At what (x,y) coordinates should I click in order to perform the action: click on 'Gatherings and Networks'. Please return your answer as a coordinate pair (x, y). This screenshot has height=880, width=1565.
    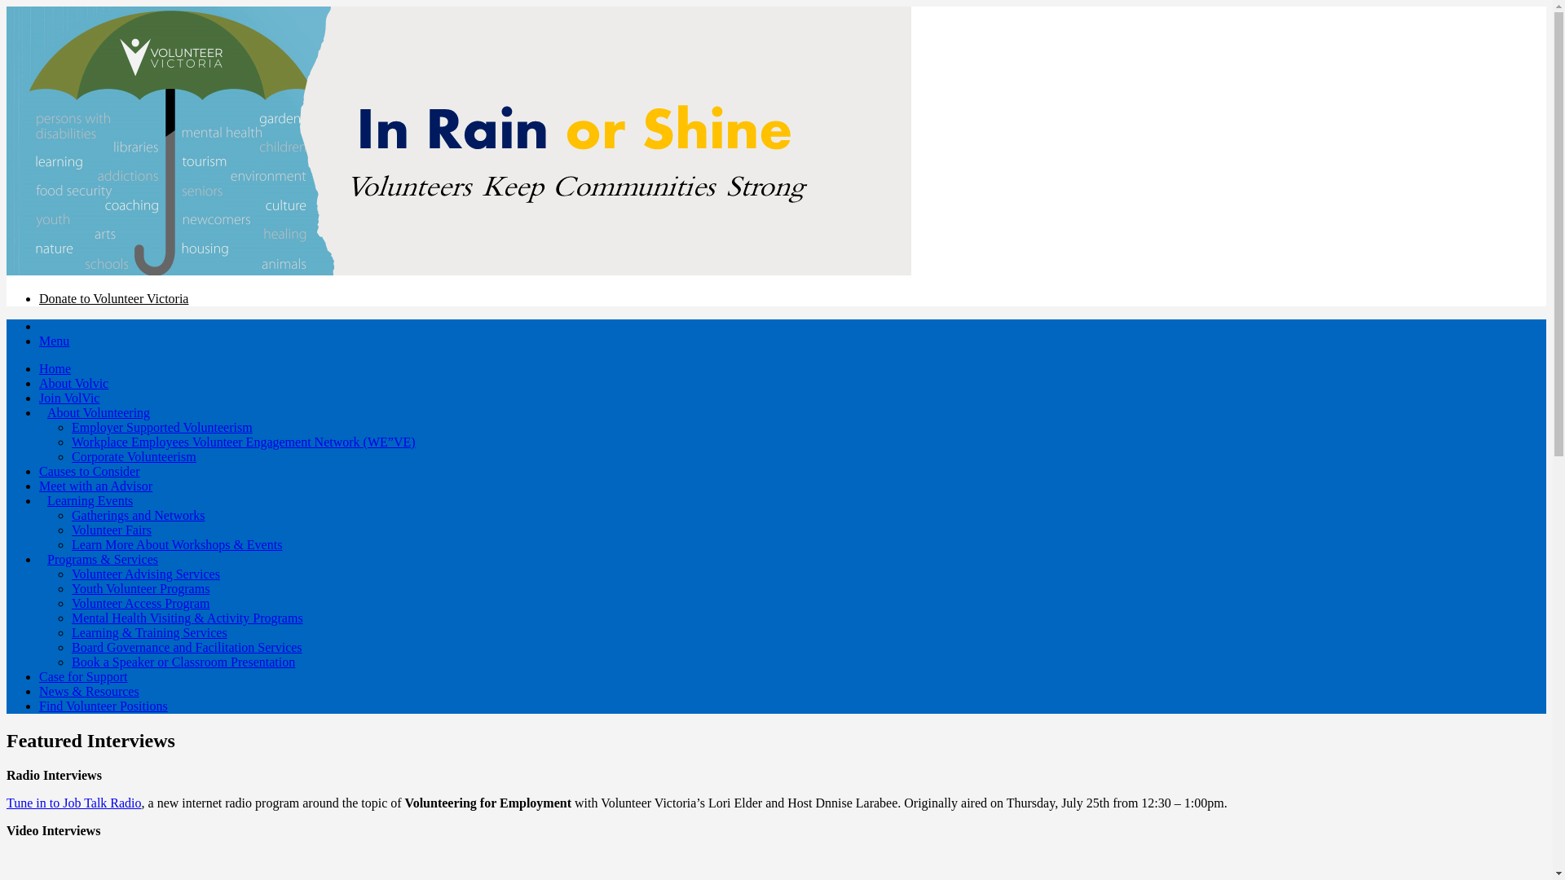
    Looking at the image, I should click on (138, 515).